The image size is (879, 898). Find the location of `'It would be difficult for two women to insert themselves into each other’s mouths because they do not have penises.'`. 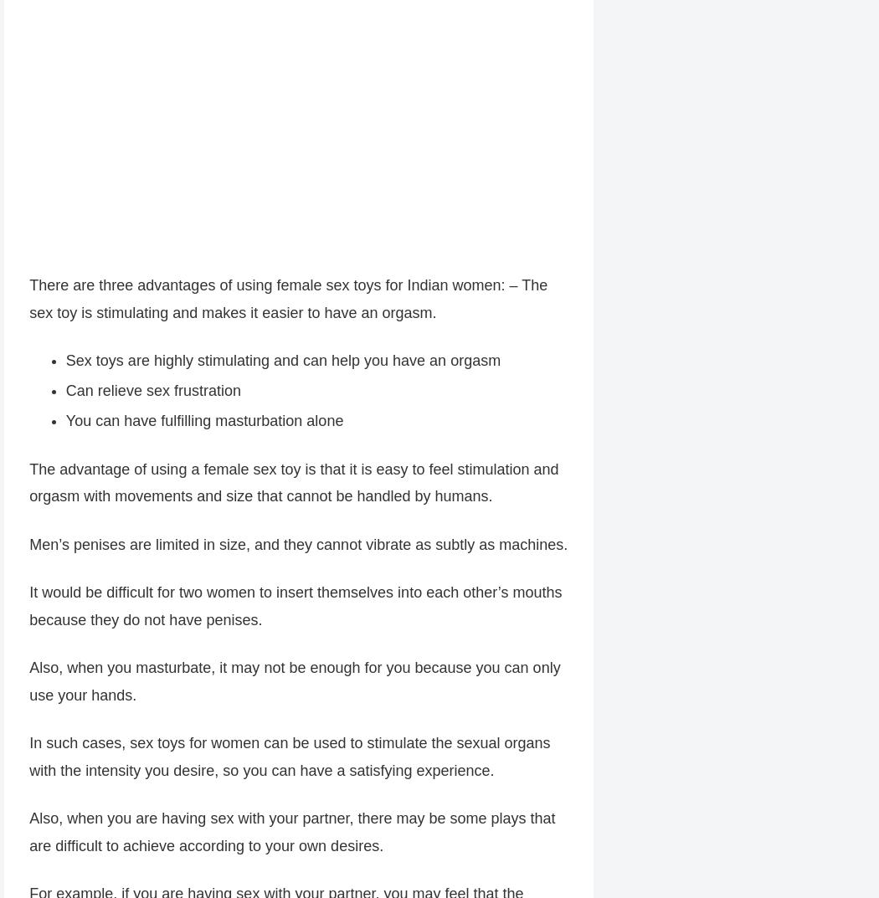

'It would be difficult for two women to insert themselves into each other’s mouths because they do not have penises.' is located at coordinates (295, 608).